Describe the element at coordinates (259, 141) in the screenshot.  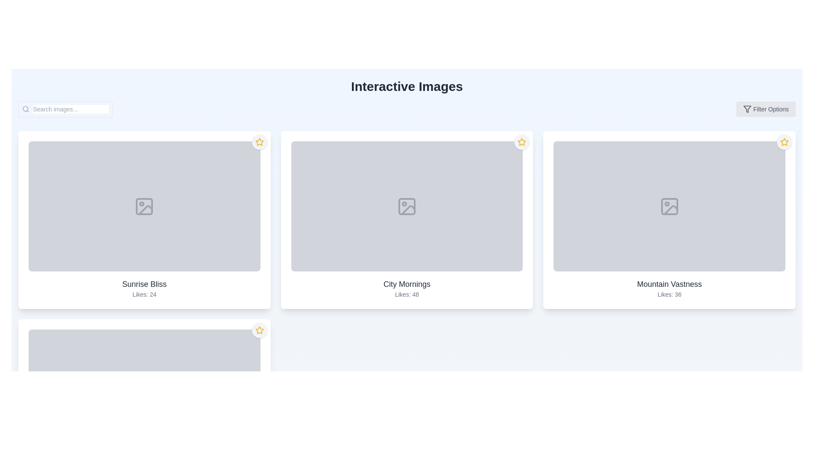
I see `the yellow outlined star icon located at the top-right corner of the 'Sunrise Bliss' image card` at that location.